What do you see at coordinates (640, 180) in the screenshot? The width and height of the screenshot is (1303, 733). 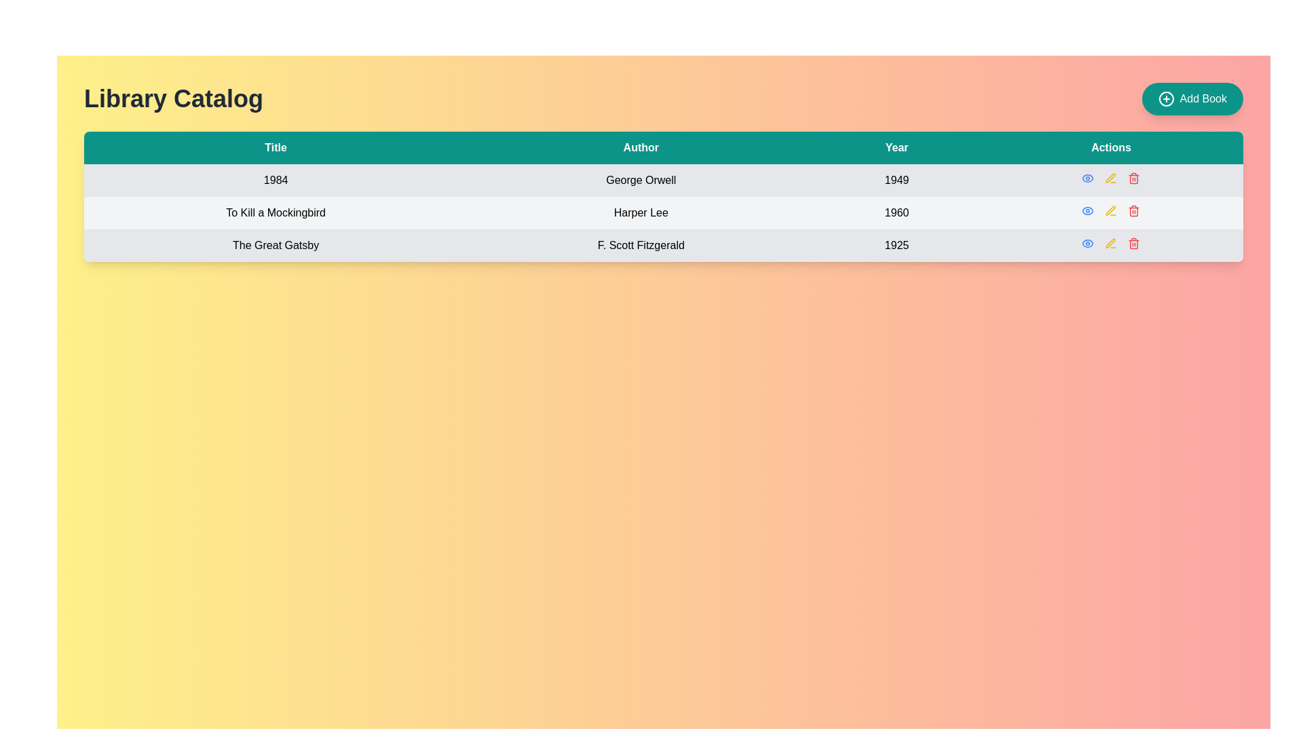 I see `the text label element displaying 'George Orwell', which is located in the second cell of the second row under the 'Author' column in a table structure` at bounding box center [640, 180].